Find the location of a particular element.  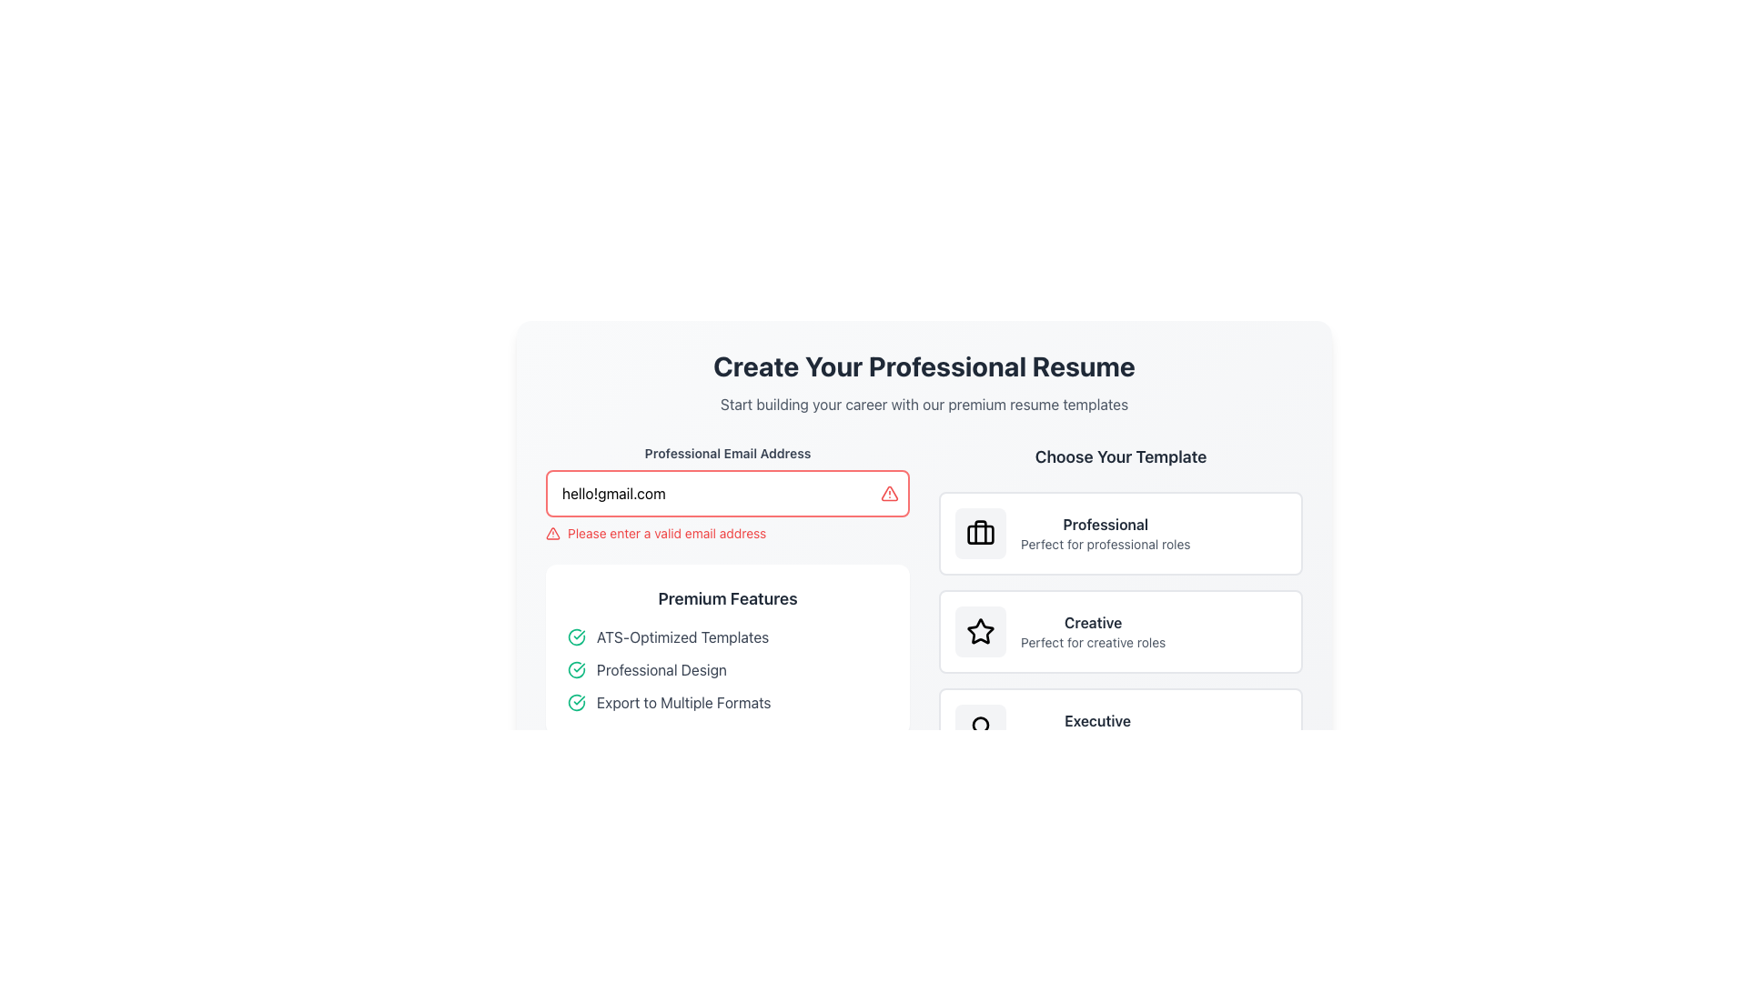

the state of the circular green checkmark icon indicating success, located to the left of the 'Export to Multiple Formats' text in the 'Premium Features' section is located at coordinates (575, 701).